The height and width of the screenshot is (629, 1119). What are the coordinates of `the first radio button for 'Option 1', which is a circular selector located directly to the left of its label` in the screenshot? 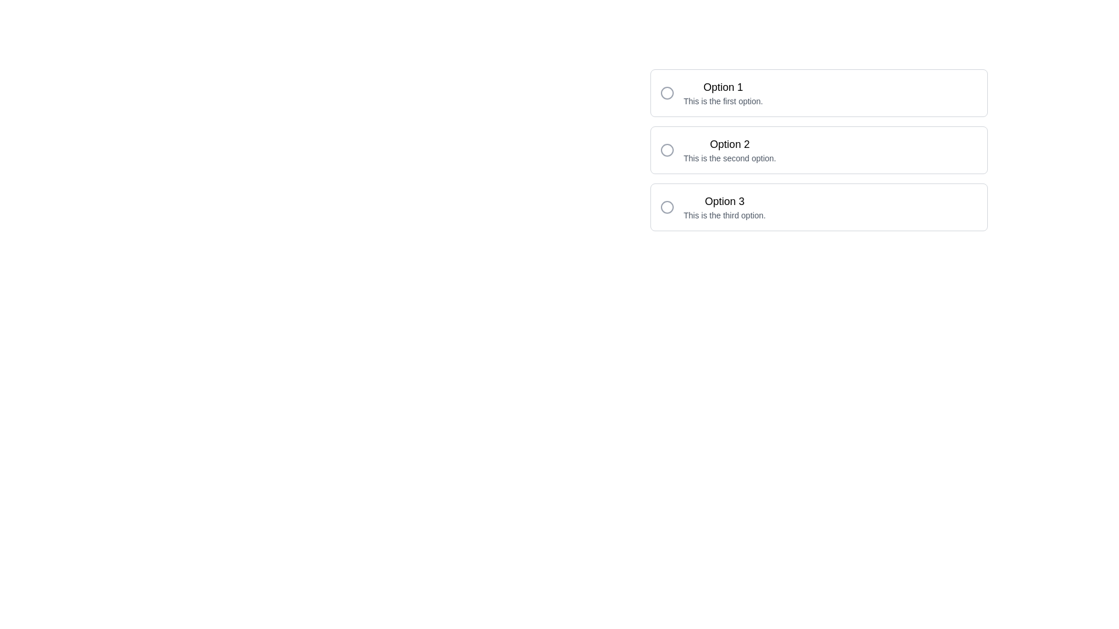 It's located at (667, 92).